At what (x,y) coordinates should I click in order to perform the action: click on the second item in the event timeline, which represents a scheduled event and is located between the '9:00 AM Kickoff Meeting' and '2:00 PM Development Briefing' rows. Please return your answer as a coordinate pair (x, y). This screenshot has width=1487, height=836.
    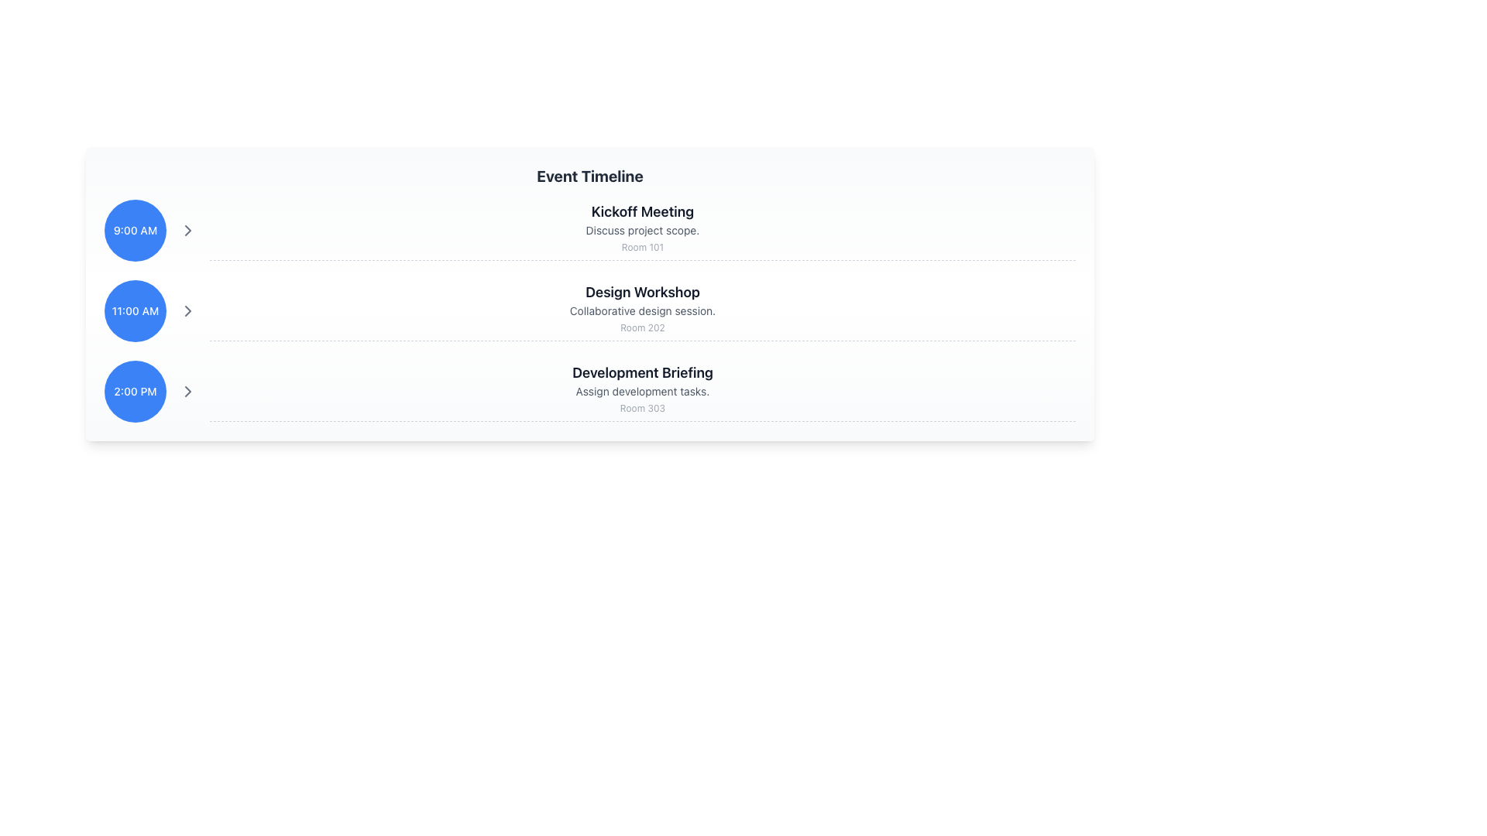
    Looking at the image, I should click on (589, 310).